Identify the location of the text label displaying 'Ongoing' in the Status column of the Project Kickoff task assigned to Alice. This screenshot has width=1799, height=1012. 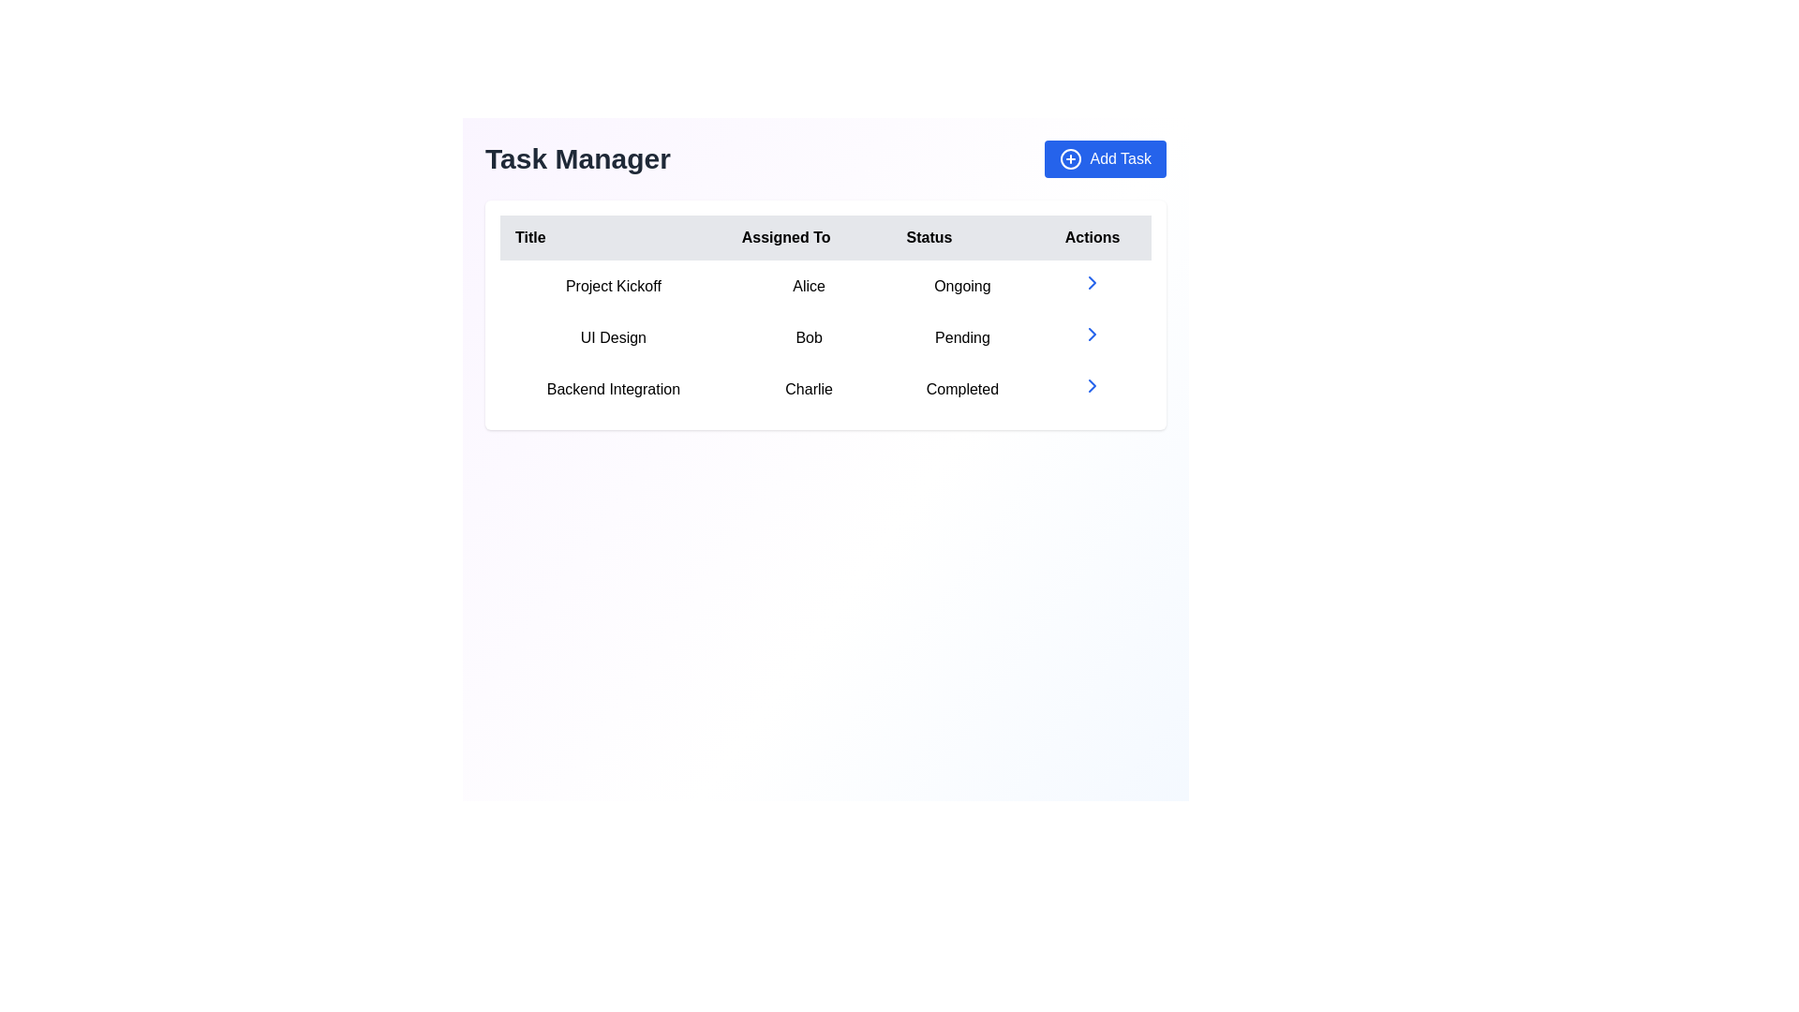
(962, 286).